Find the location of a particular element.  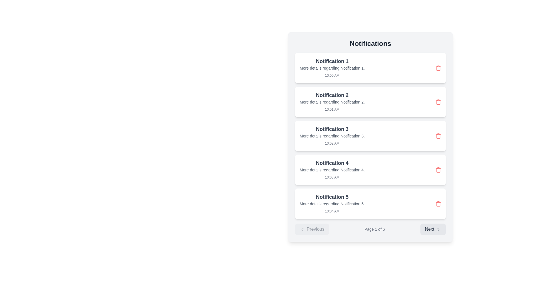

the notification marked as 'Notification 1' for additional actions is located at coordinates (332, 68).